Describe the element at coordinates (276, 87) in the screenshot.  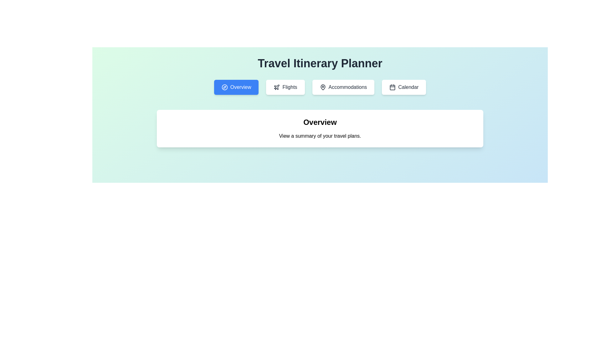
I see `the 'Flights' button which contains the icon representing air travel options` at that location.